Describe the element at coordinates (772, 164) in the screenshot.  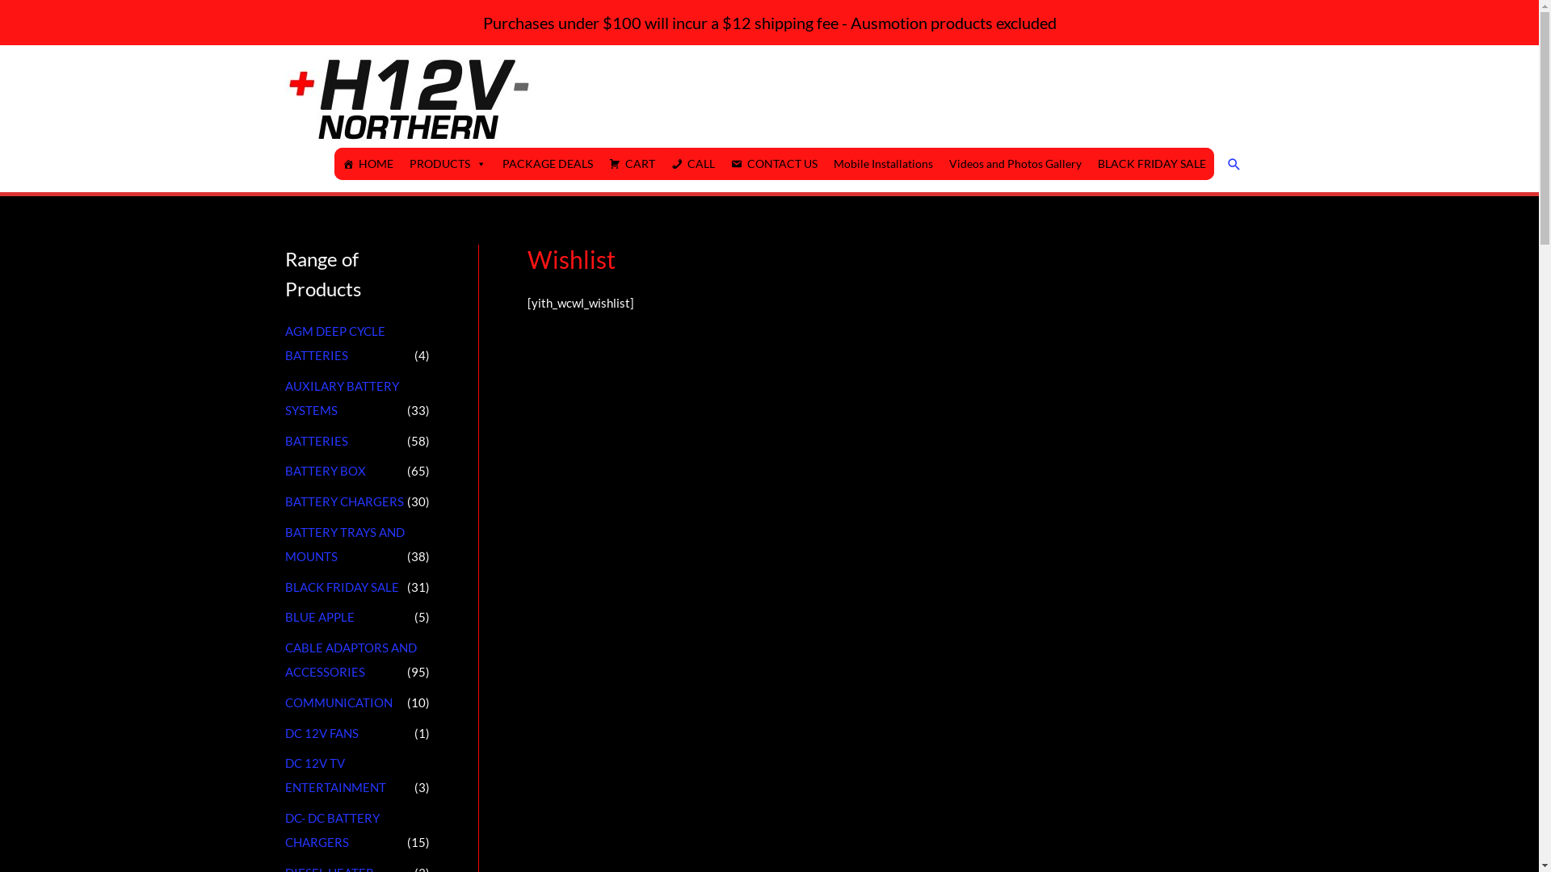
I see `'CONTACT US'` at that location.